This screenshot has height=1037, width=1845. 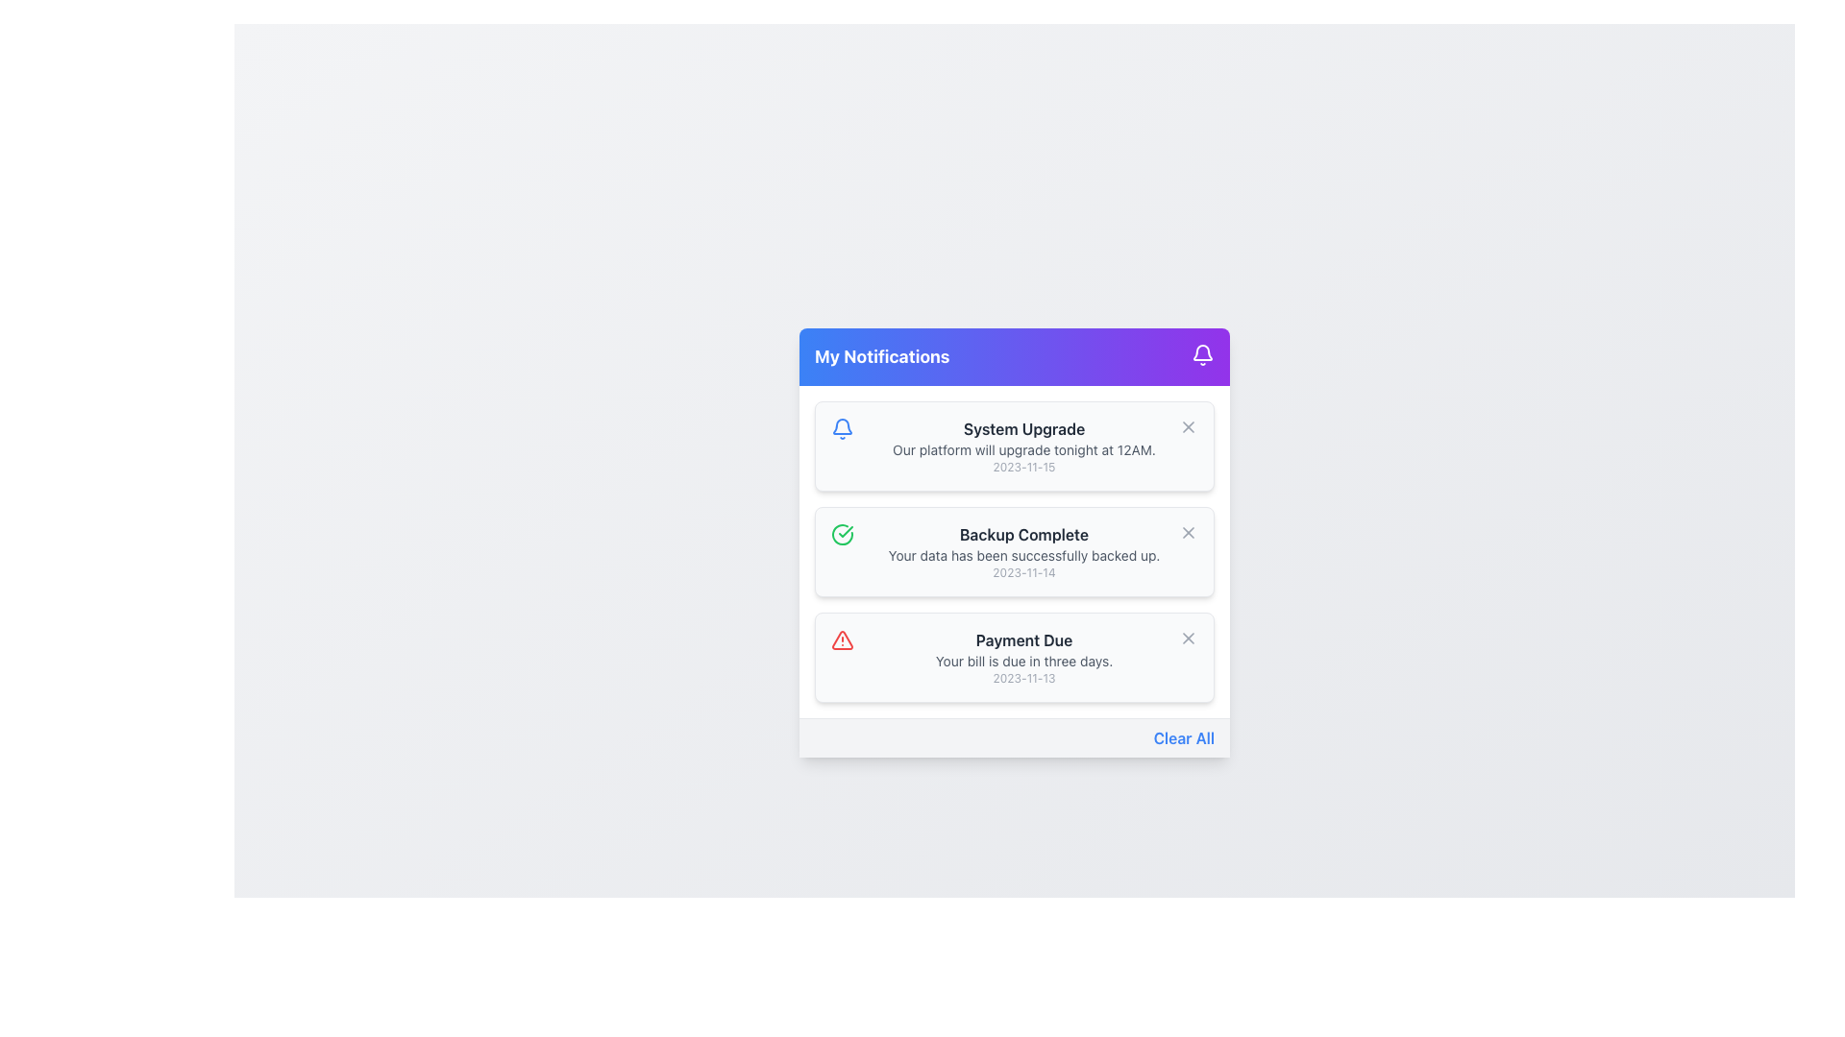 I want to click on information displayed in the notification card titled 'System Upgrade', which includes a blue bell icon, a bold title, a smaller description, and a date, located at the top of the 'My Notifications' panel, so click(x=1014, y=445).